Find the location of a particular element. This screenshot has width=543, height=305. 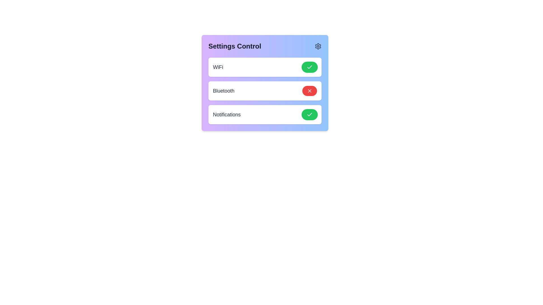

the settings icon to open additional options is located at coordinates (318, 46).